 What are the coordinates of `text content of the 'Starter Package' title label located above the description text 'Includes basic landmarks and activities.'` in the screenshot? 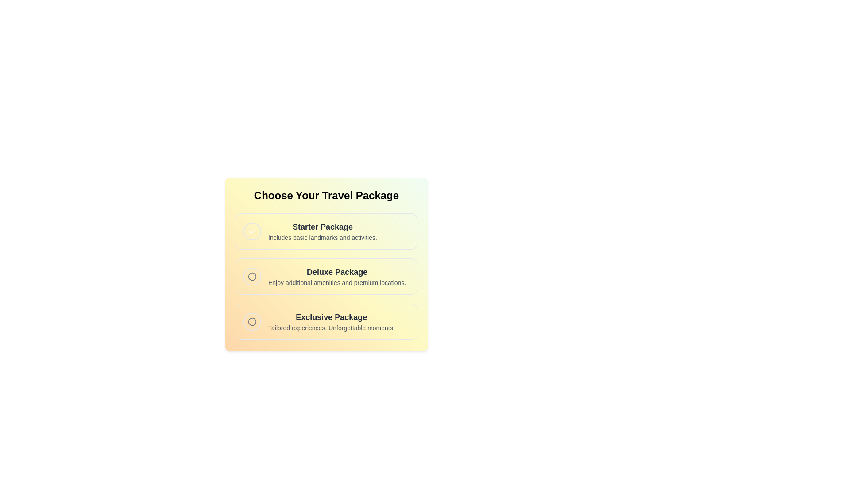 It's located at (322, 227).